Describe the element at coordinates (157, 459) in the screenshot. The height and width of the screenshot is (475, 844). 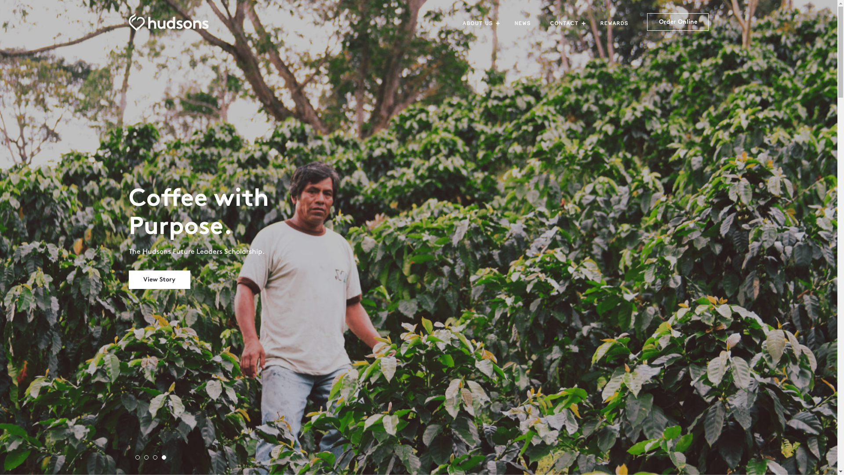
I see `'3'` at that location.